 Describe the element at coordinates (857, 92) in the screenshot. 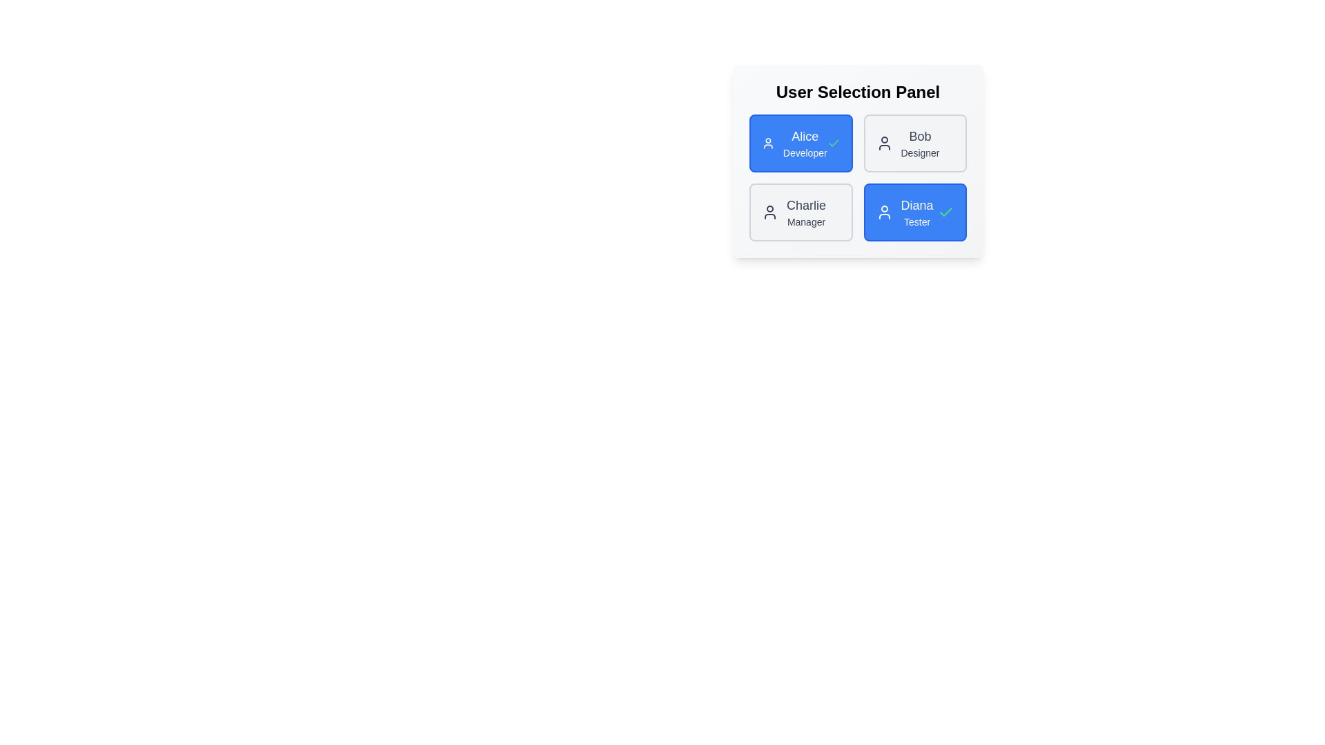

I see `the panel title to interact with it` at that location.